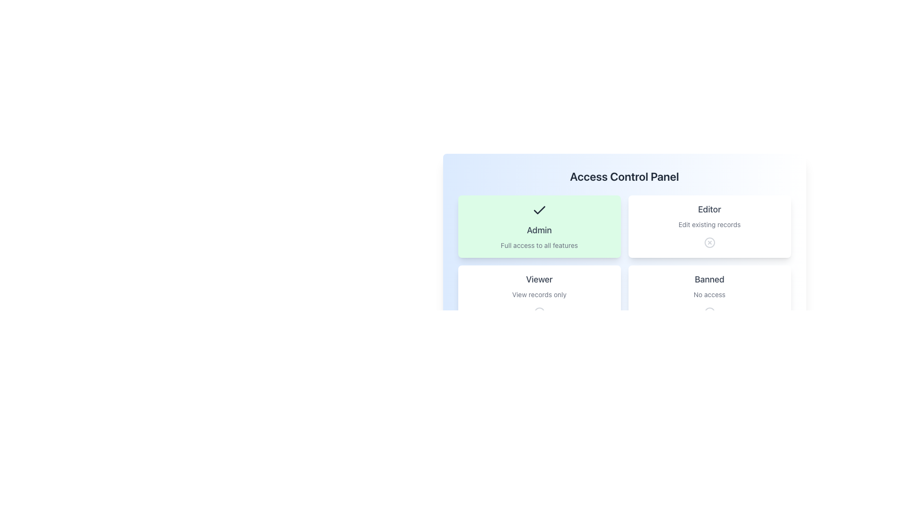  Describe the element at coordinates (709, 226) in the screenshot. I see `the center of the 'Editor' role button-like card in the Access Control Panel` at that location.